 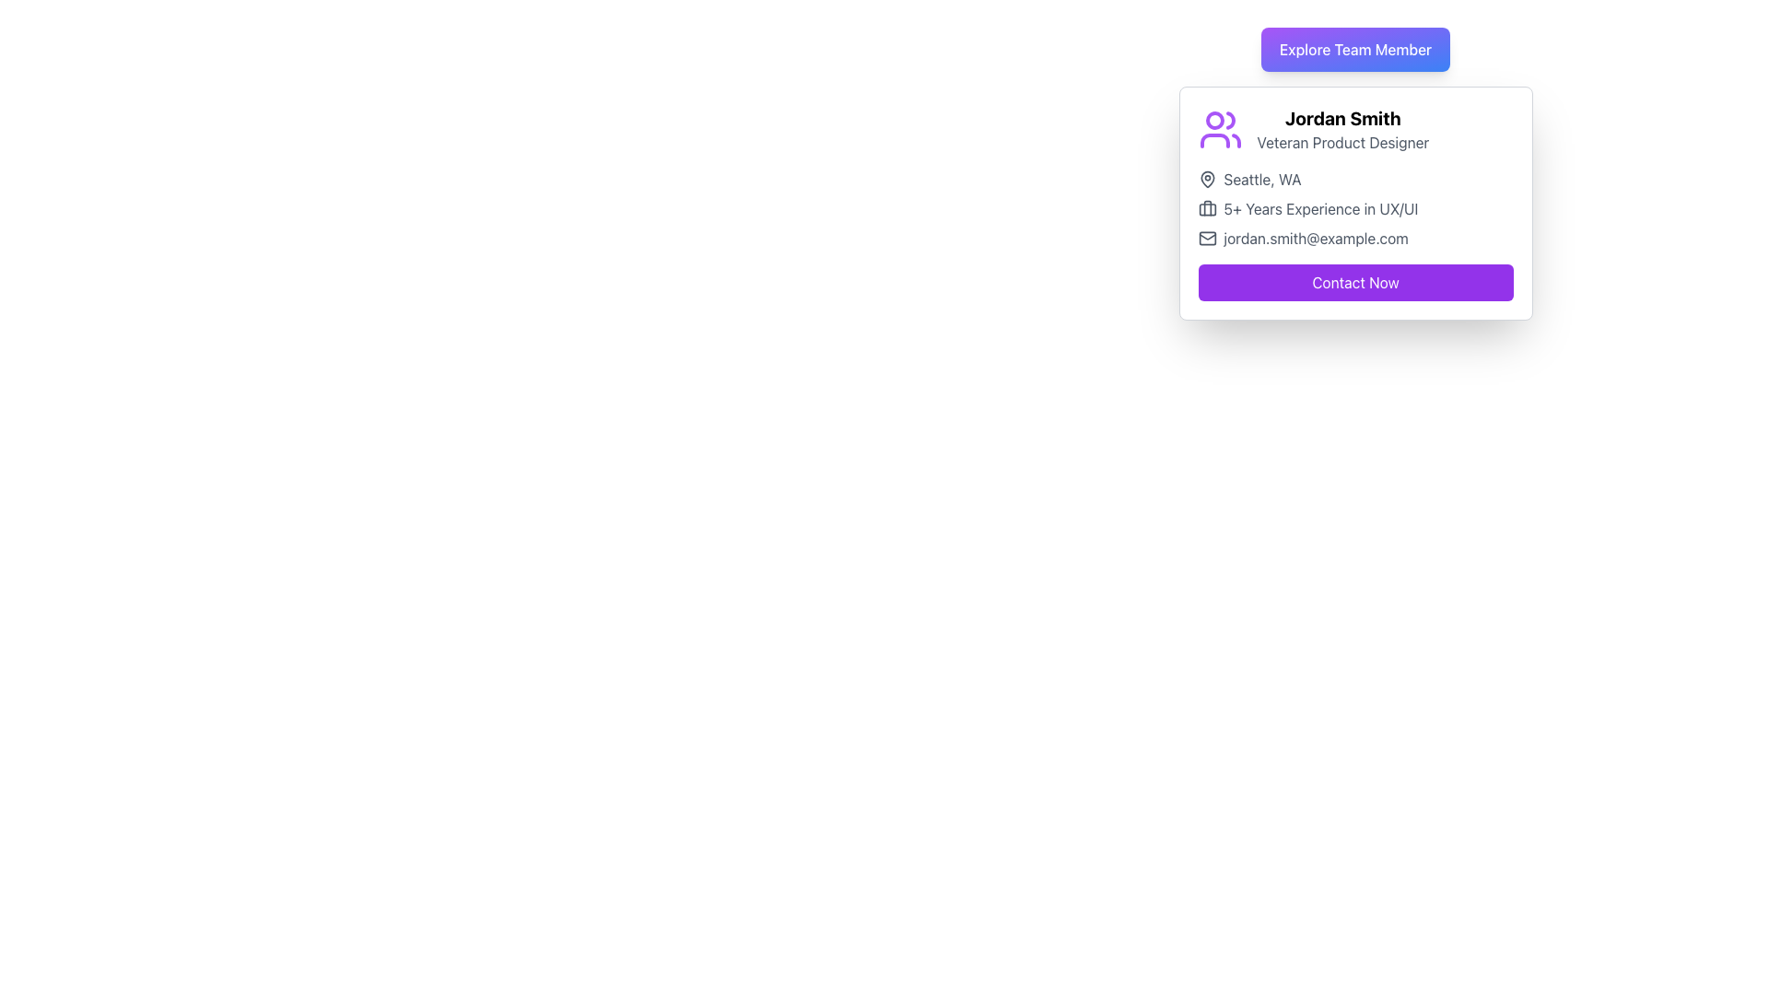 I want to click on the 'Contact Now' button with a purple background and white text, so click(x=1355, y=283).